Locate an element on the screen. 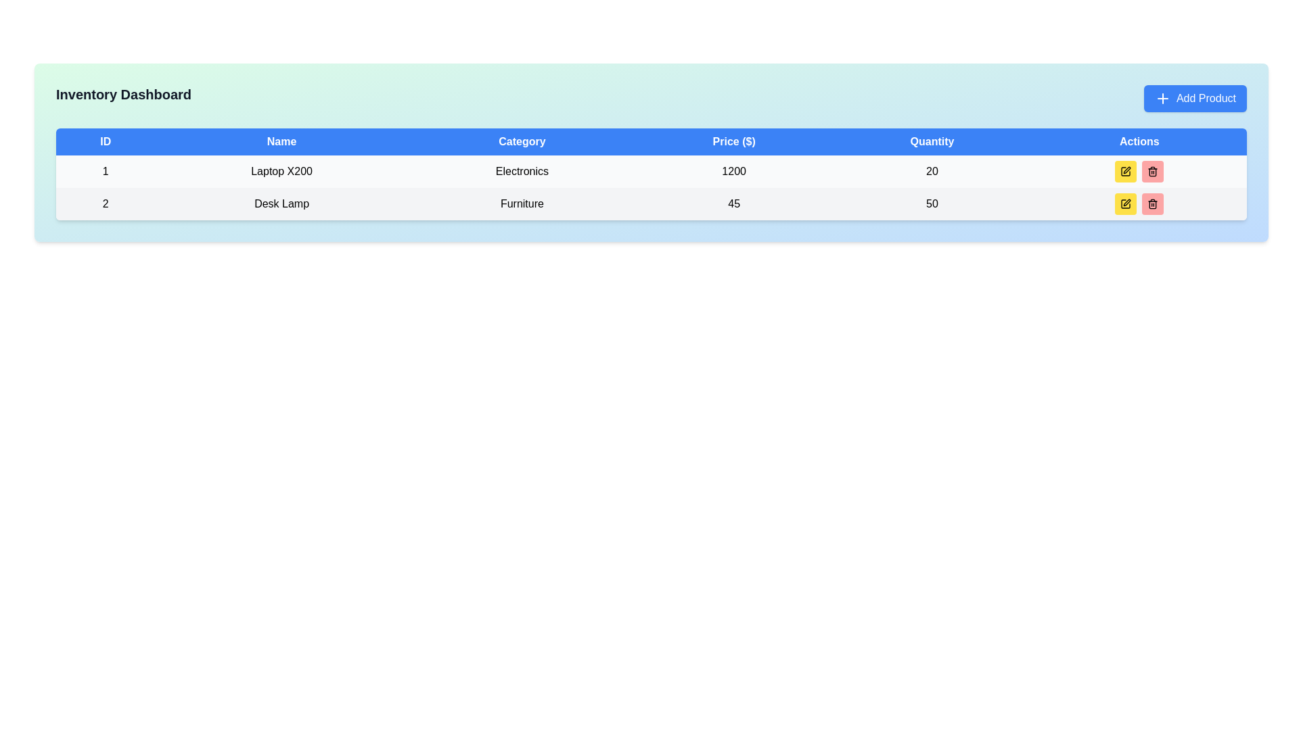 This screenshot has width=1299, height=730. the red rounded button with a trash can icon located in the 'Actions' column of the second row of the table is located at coordinates (1152, 171).